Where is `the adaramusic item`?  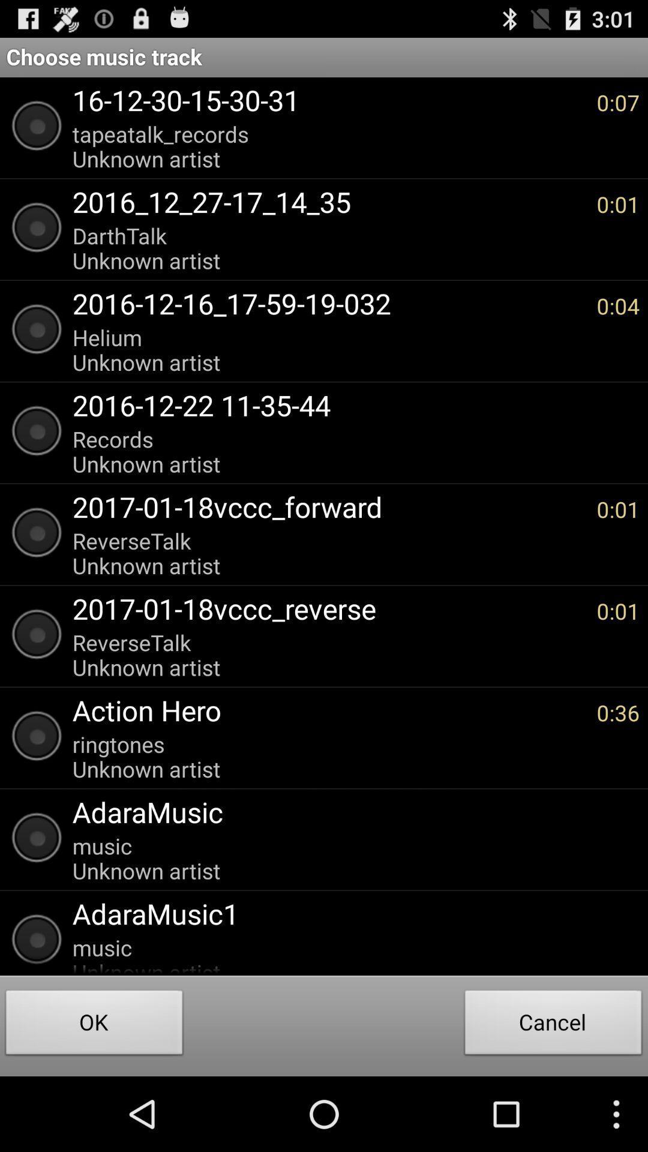
the adaramusic item is located at coordinates (350, 812).